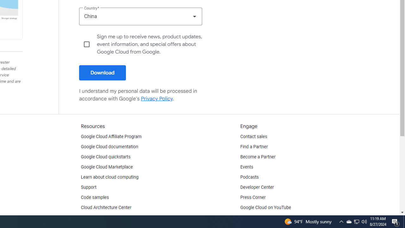 This screenshot has width=405, height=228. Describe the element at coordinates (111, 136) in the screenshot. I see `'Google Cloud Affiliate Program'` at that location.